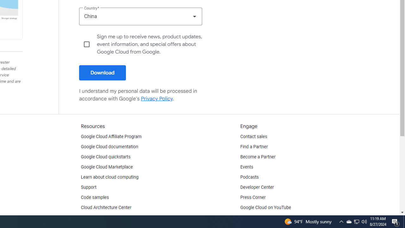 This screenshot has width=405, height=228. Describe the element at coordinates (111, 136) in the screenshot. I see `'Google Cloud Affiliate Program'` at that location.